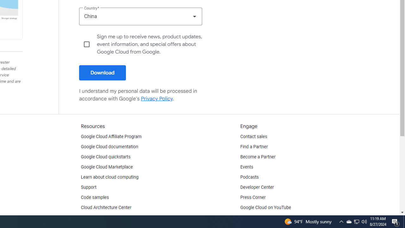 This screenshot has width=405, height=228. Describe the element at coordinates (111, 136) in the screenshot. I see `'Google Cloud Affiliate Program'` at that location.